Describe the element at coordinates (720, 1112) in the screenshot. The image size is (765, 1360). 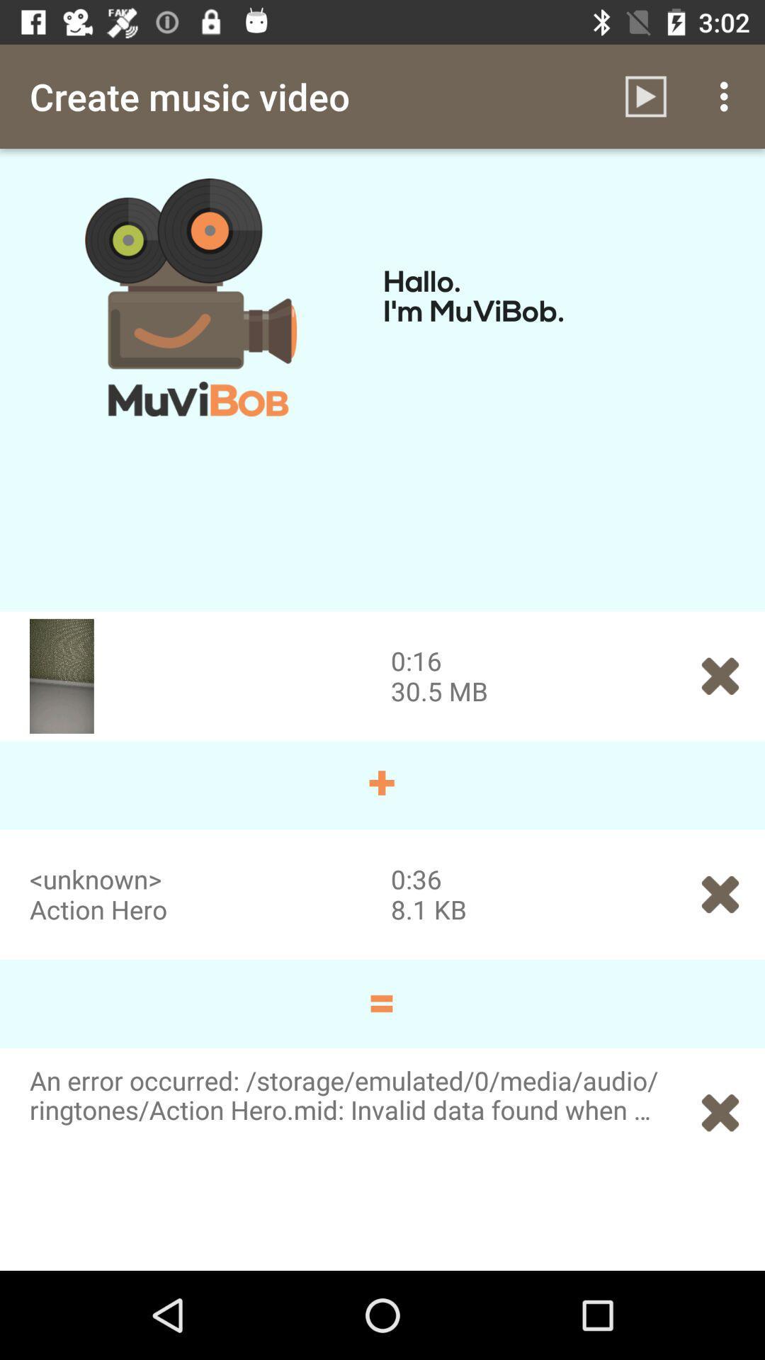
I see `item next to an error occurred icon` at that location.